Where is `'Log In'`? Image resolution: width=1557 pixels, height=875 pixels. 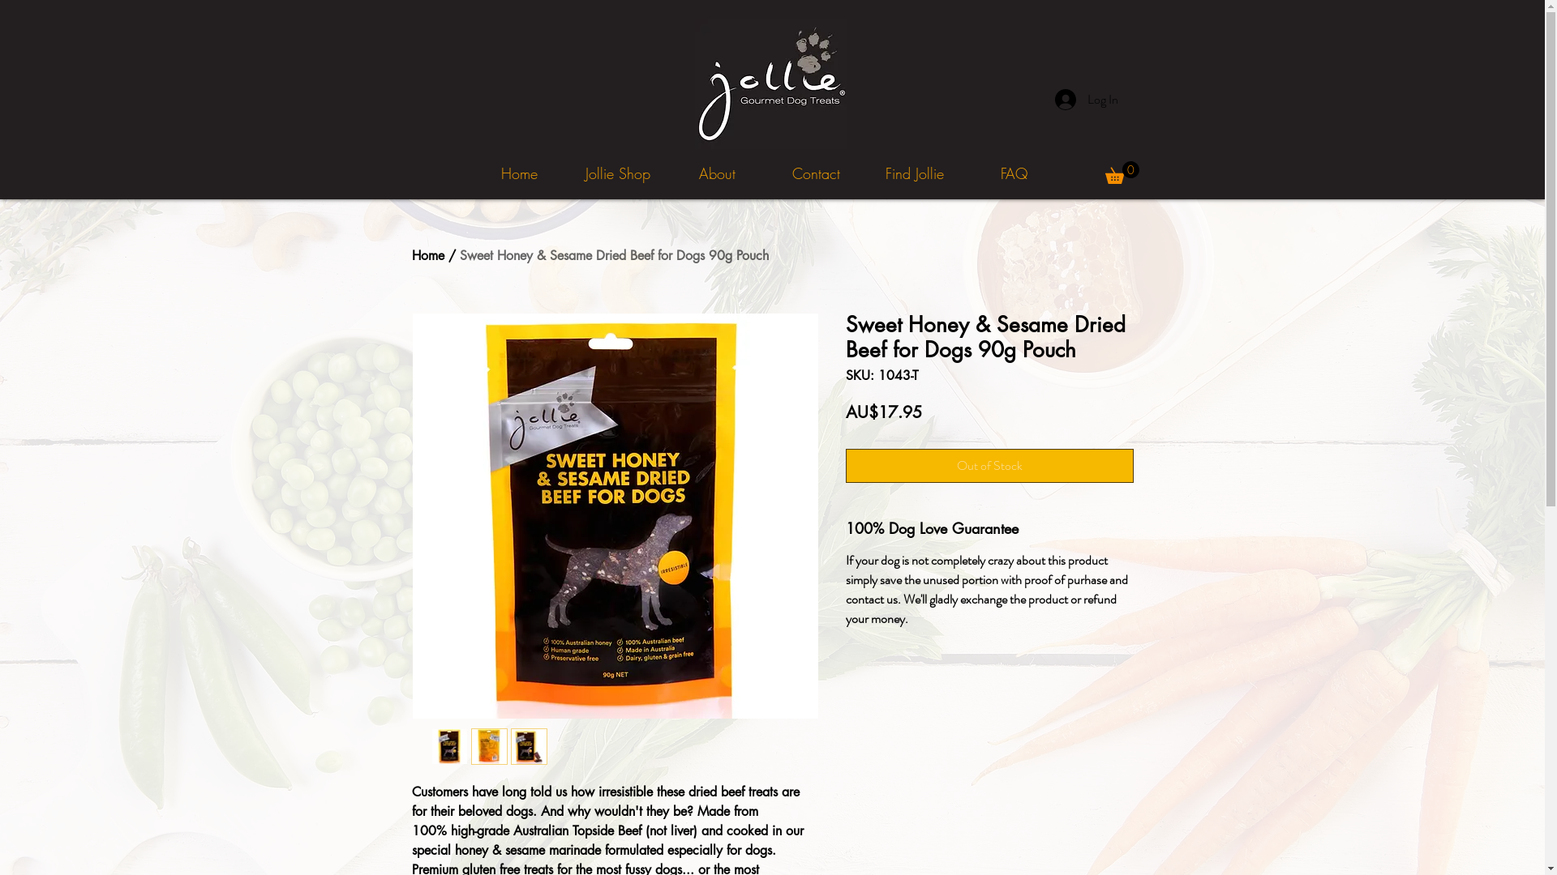
'Log In' is located at coordinates (1086, 100).